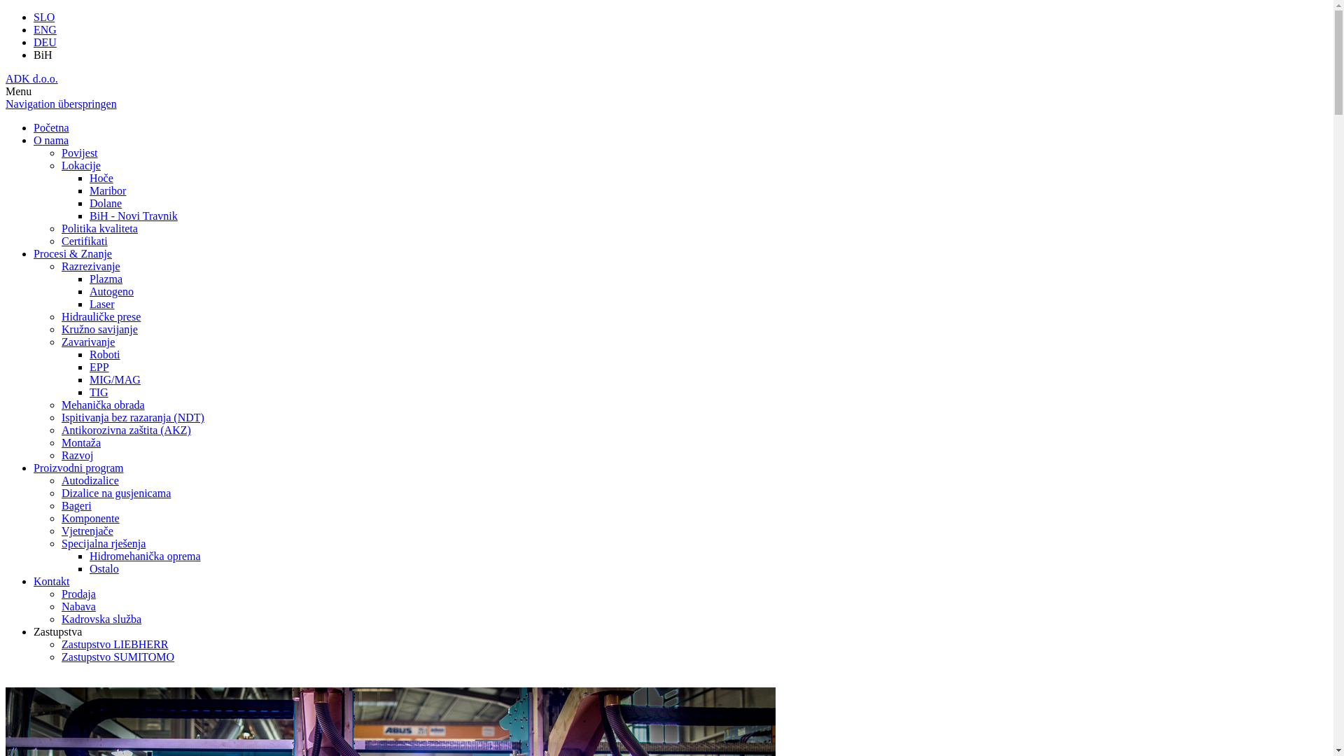  What do you see at coordinates (104, 203) in the screenshot?
I see `'Dolane'` at bounding box center [104, 203].